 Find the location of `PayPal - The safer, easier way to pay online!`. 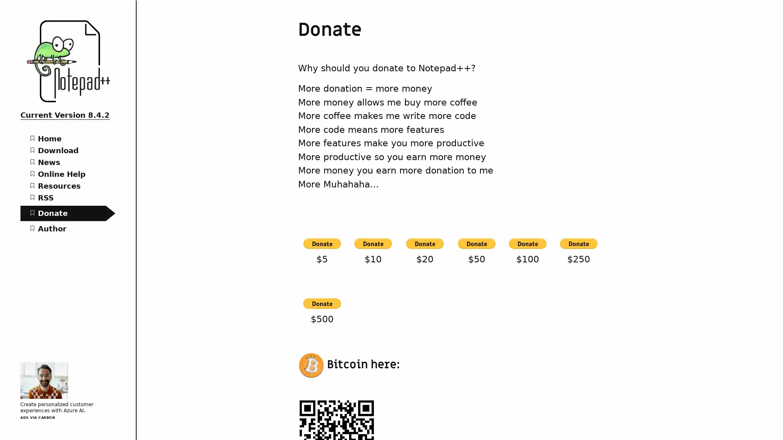

PayPal - The safer, easier way to pay online! is located at coordinates (322, 243).